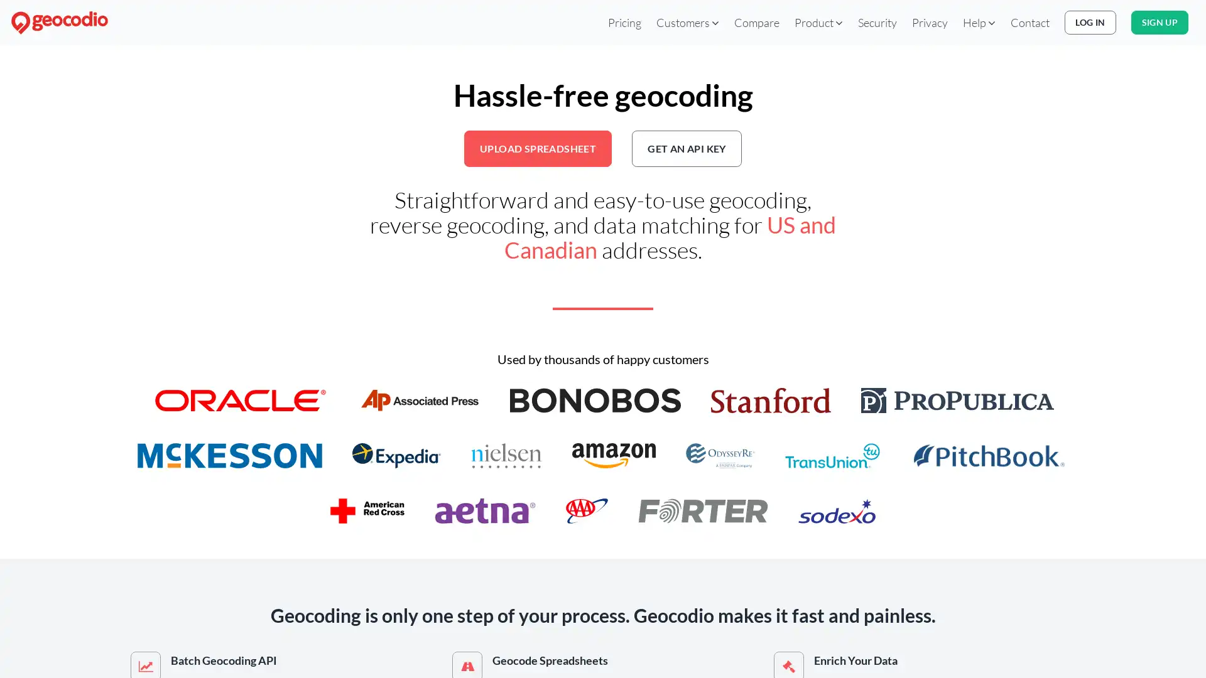  I want to click on Help, so click(979, 22).